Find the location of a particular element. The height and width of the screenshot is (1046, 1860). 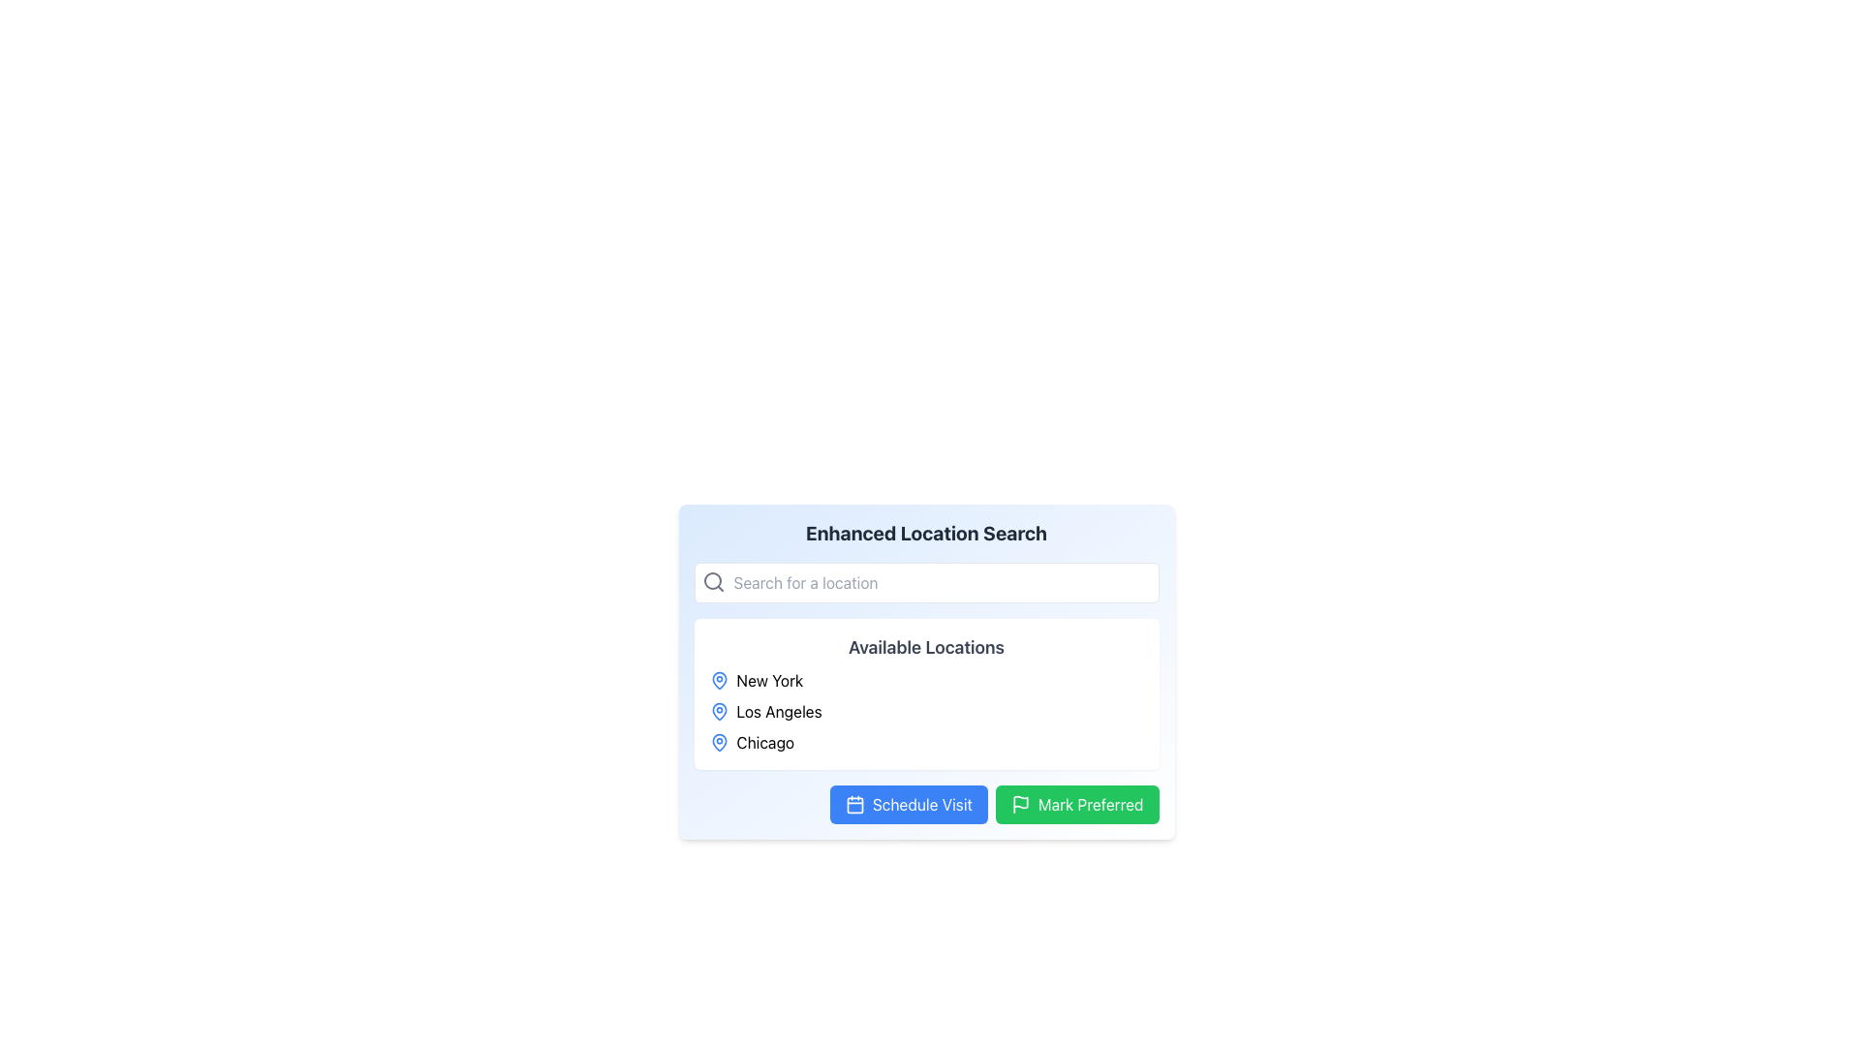

the search icon, which is a stylized magnifying glass with a gray outline located at the top-left corner of the search bar before the text input field is located at coordinates (712, 581).